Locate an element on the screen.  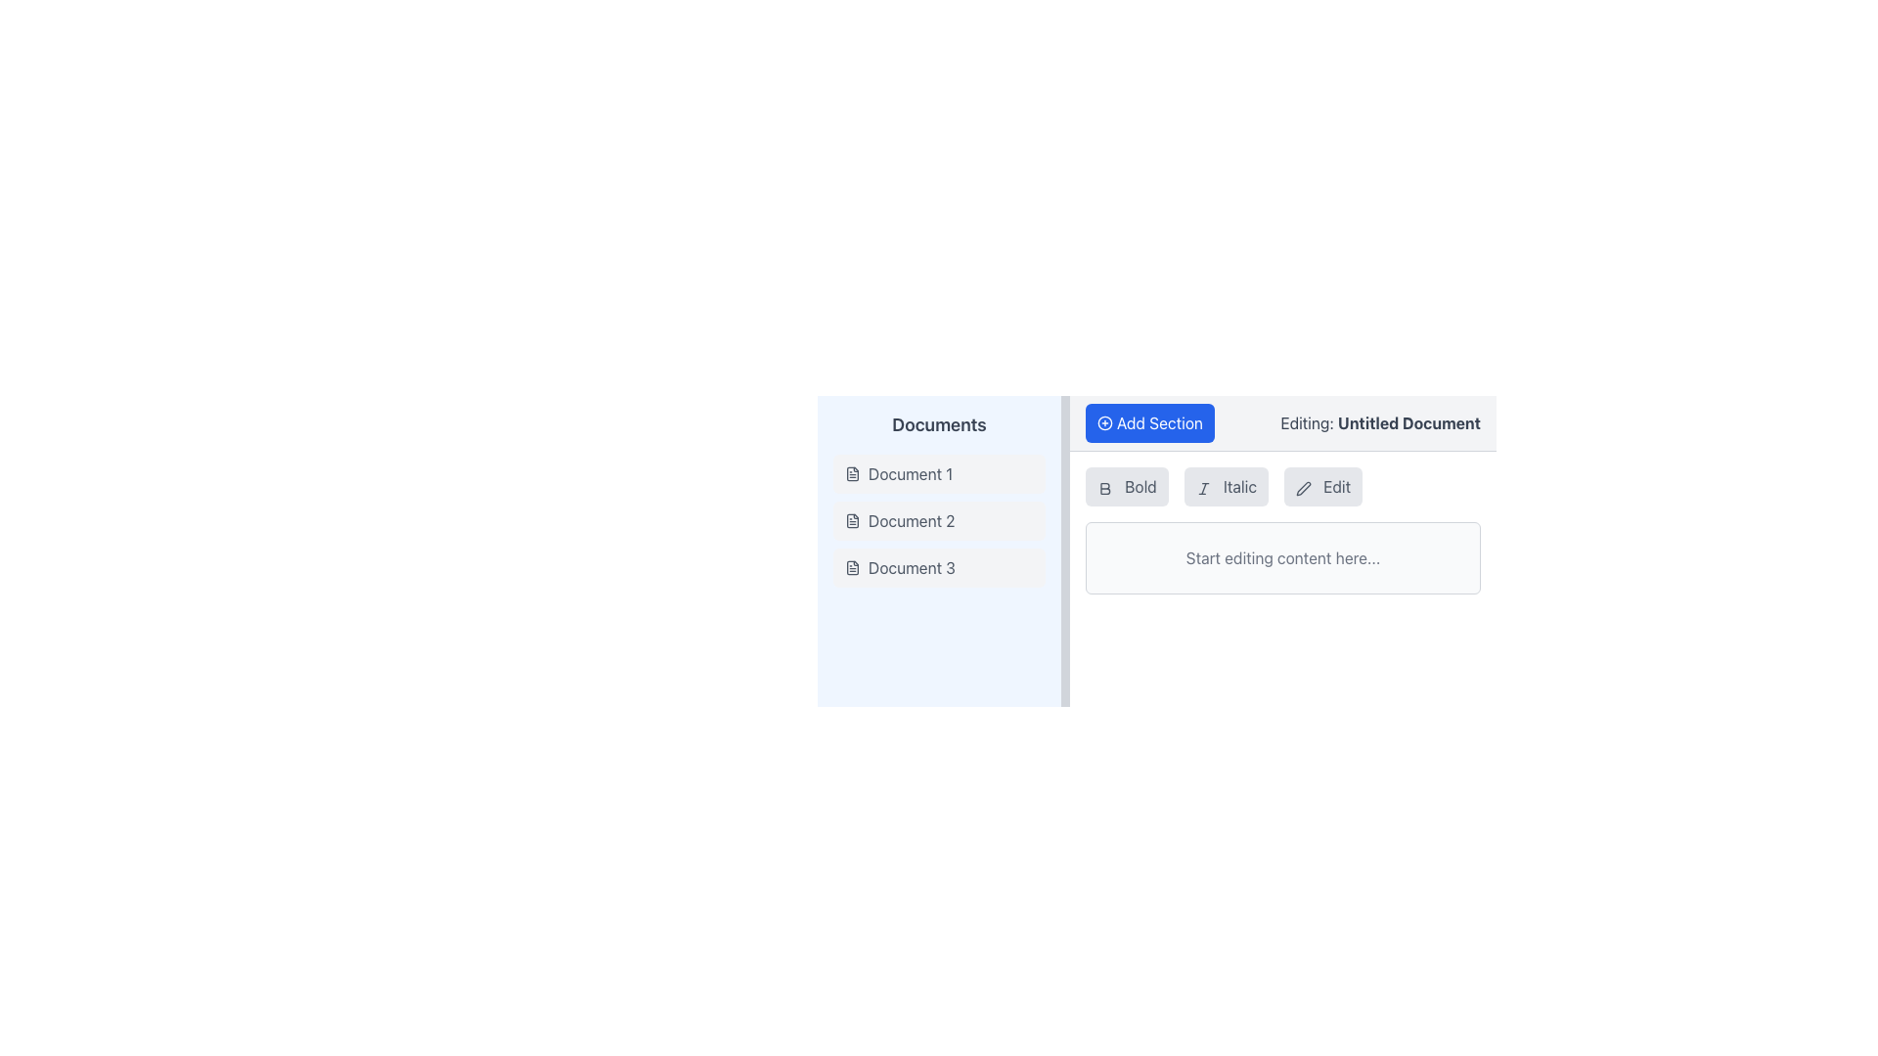
the small pen-shaped icon in black and white located near the top-right corner of the text editor section is located at coordinates (1304, 487).